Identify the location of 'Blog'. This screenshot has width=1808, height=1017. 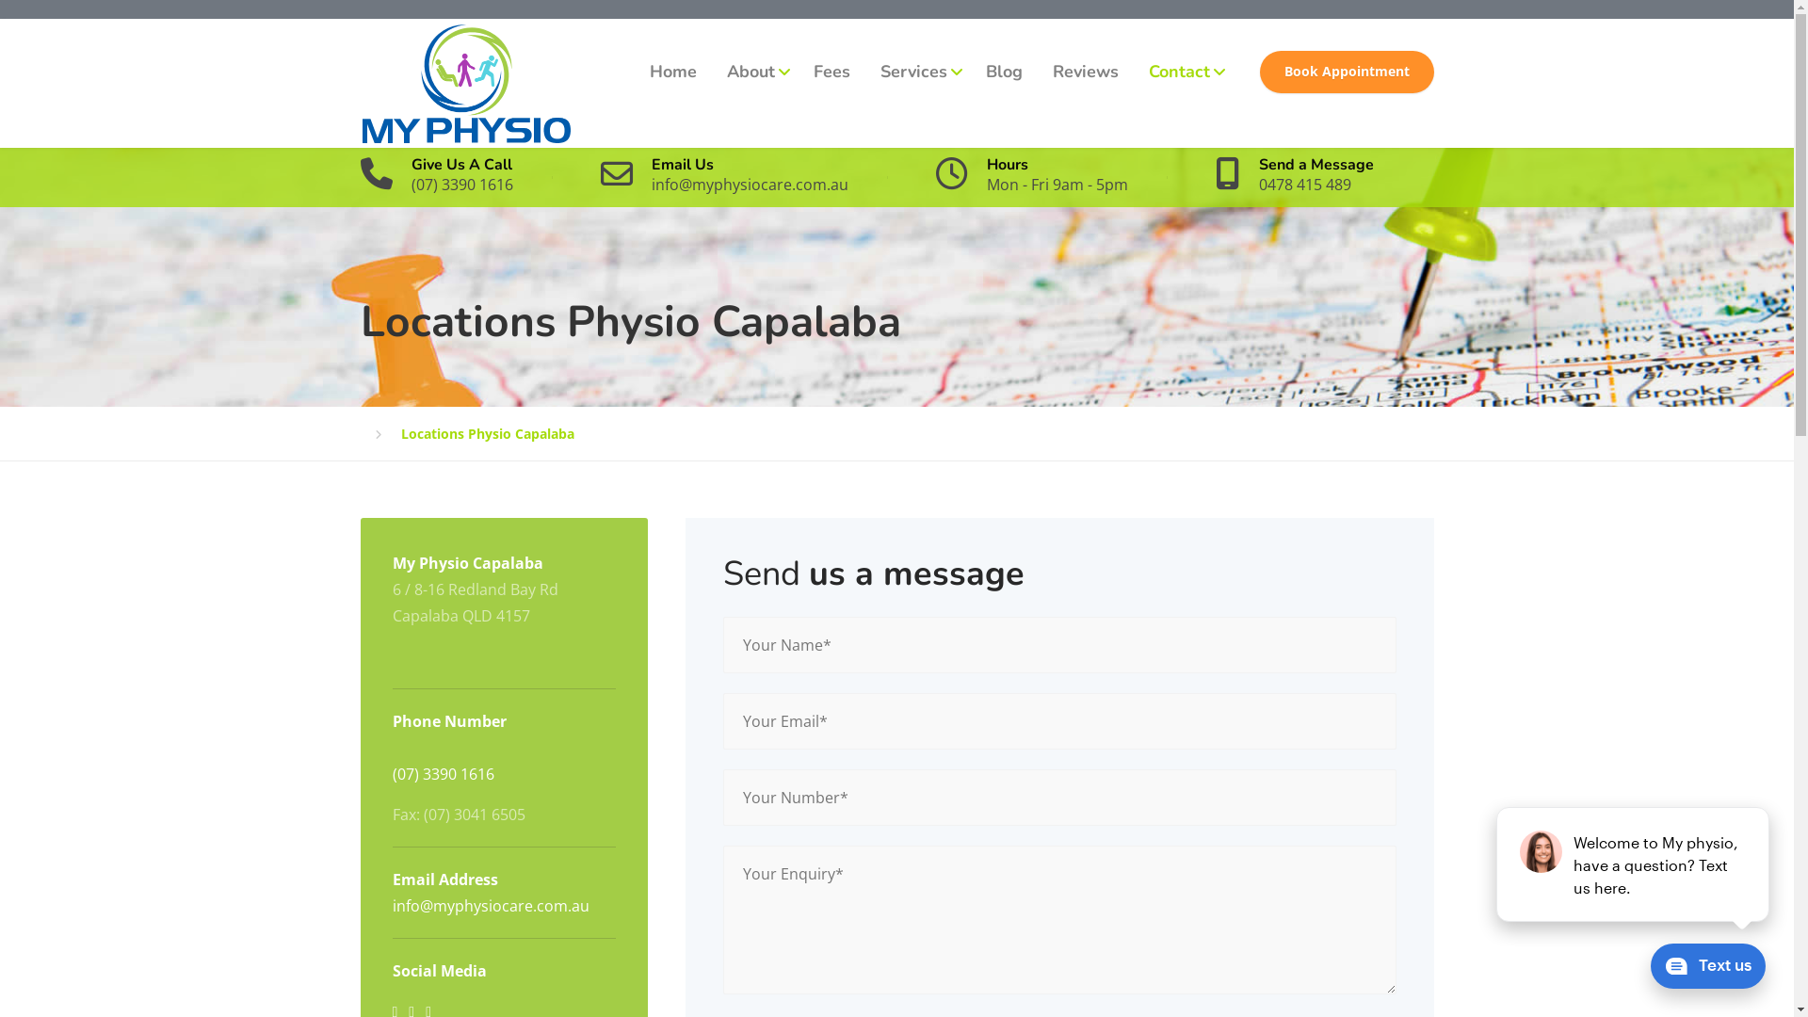
(972, 71).